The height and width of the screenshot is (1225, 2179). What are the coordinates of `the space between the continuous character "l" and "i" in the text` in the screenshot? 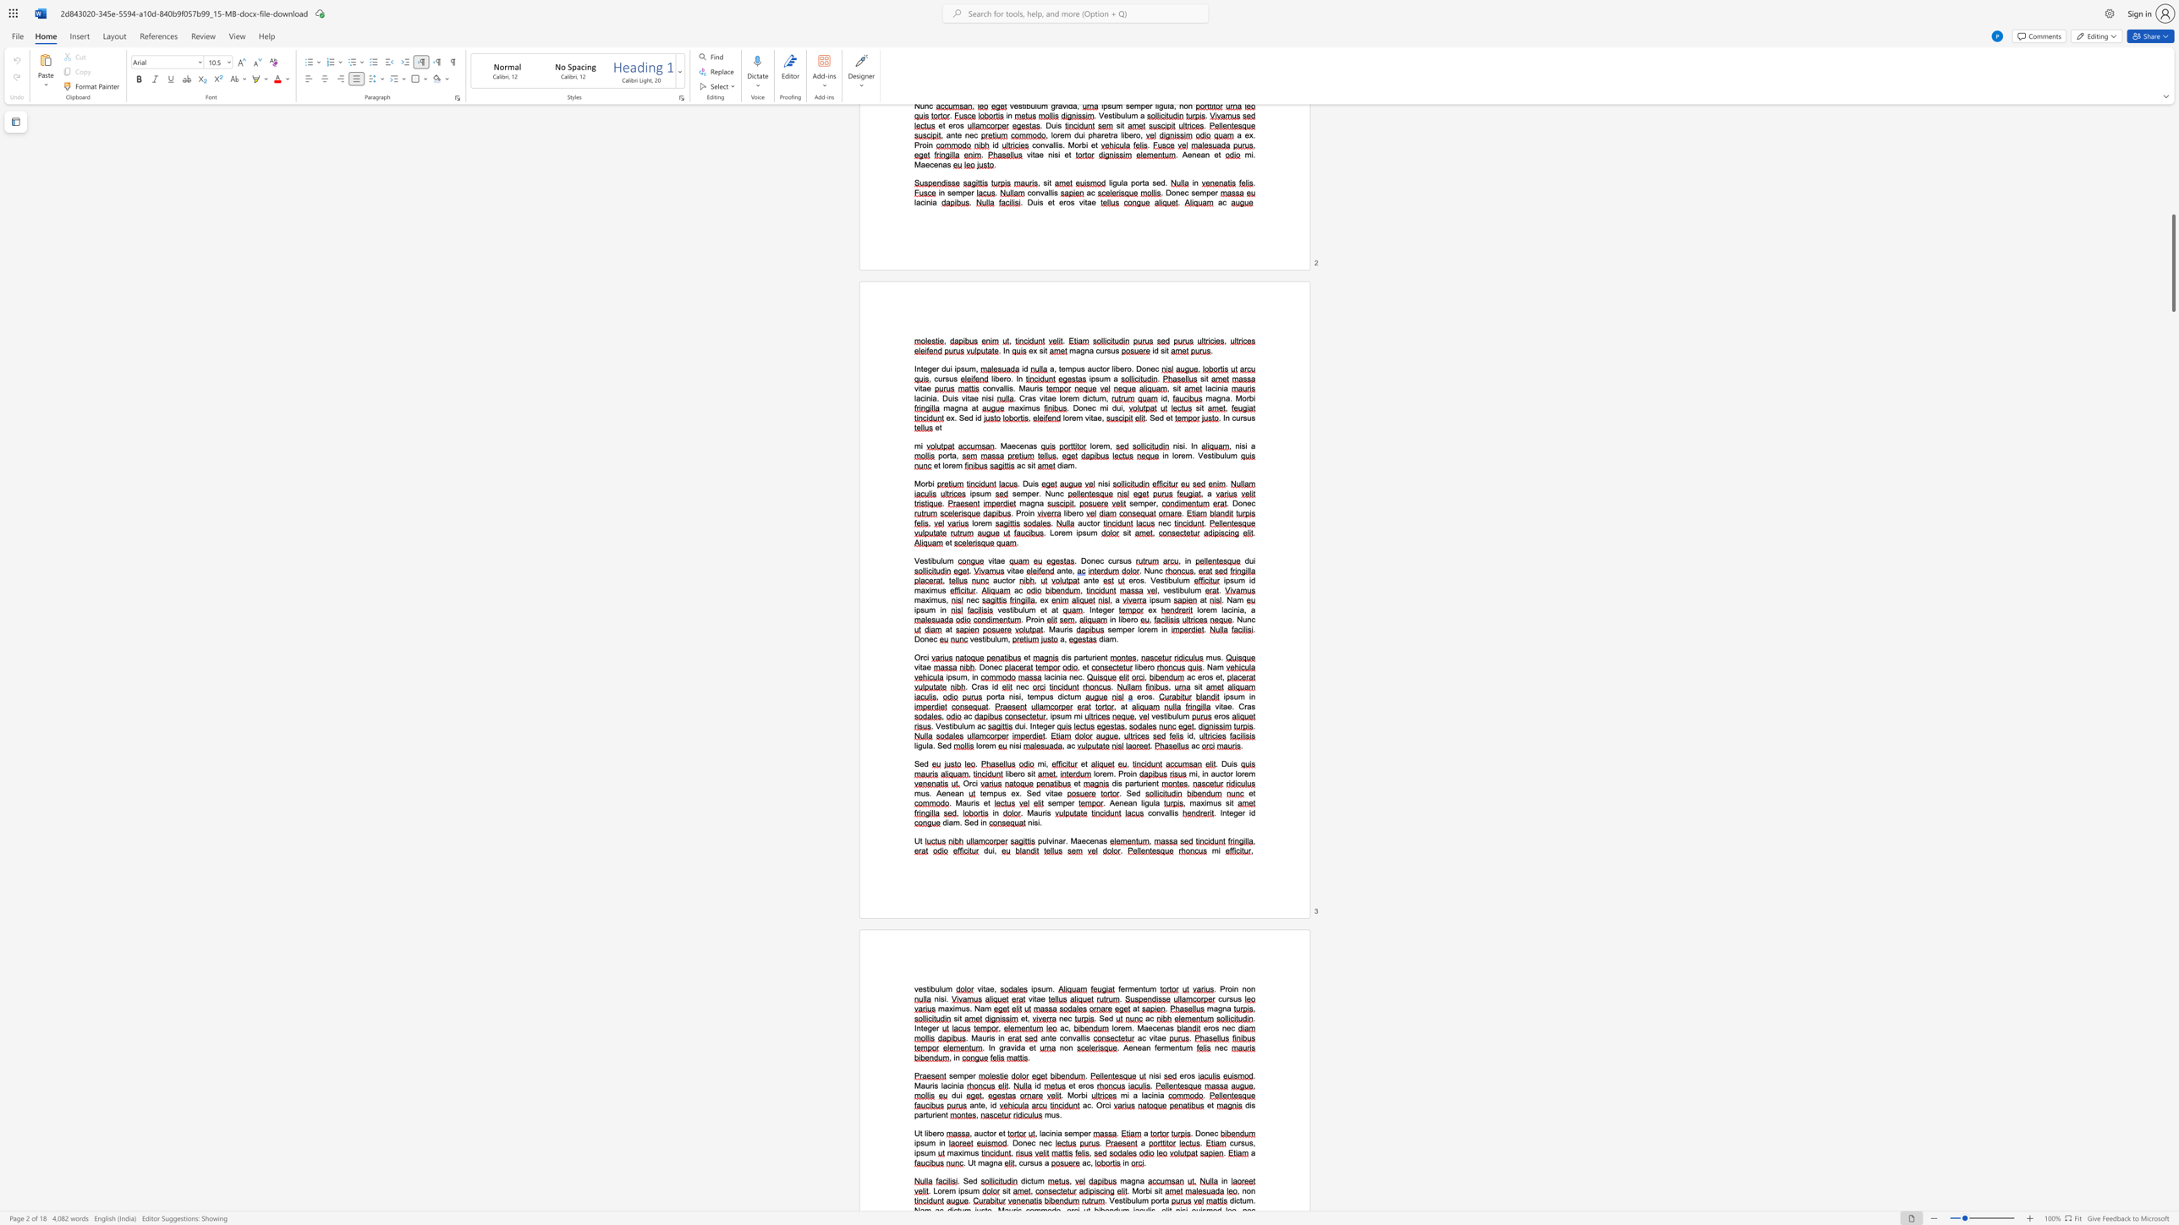 It's located at (926, 1133).